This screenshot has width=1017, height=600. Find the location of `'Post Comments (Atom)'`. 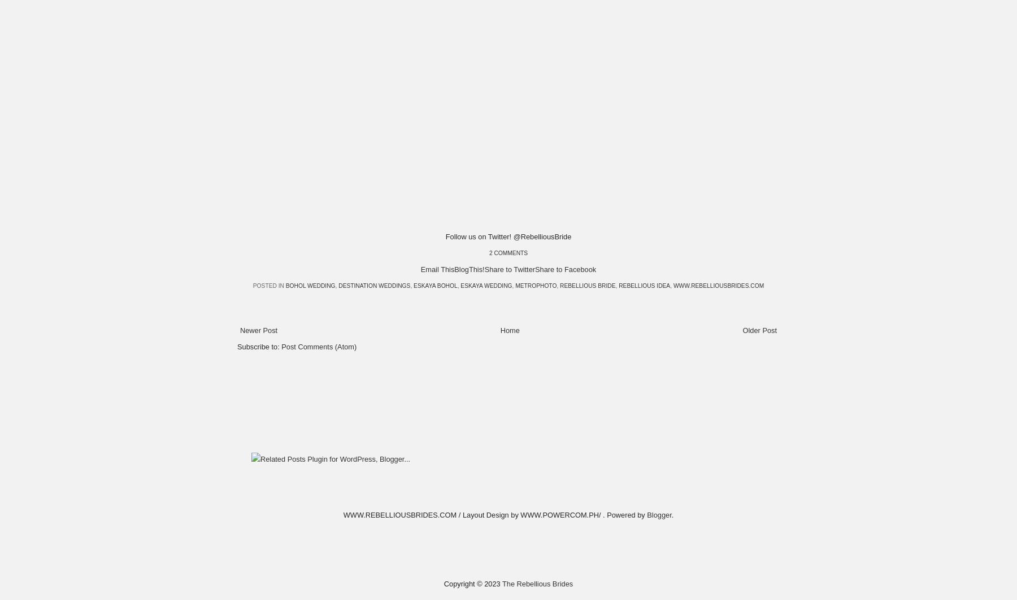

'Post Comments (Atom)' is located at coordinates (319, 345).